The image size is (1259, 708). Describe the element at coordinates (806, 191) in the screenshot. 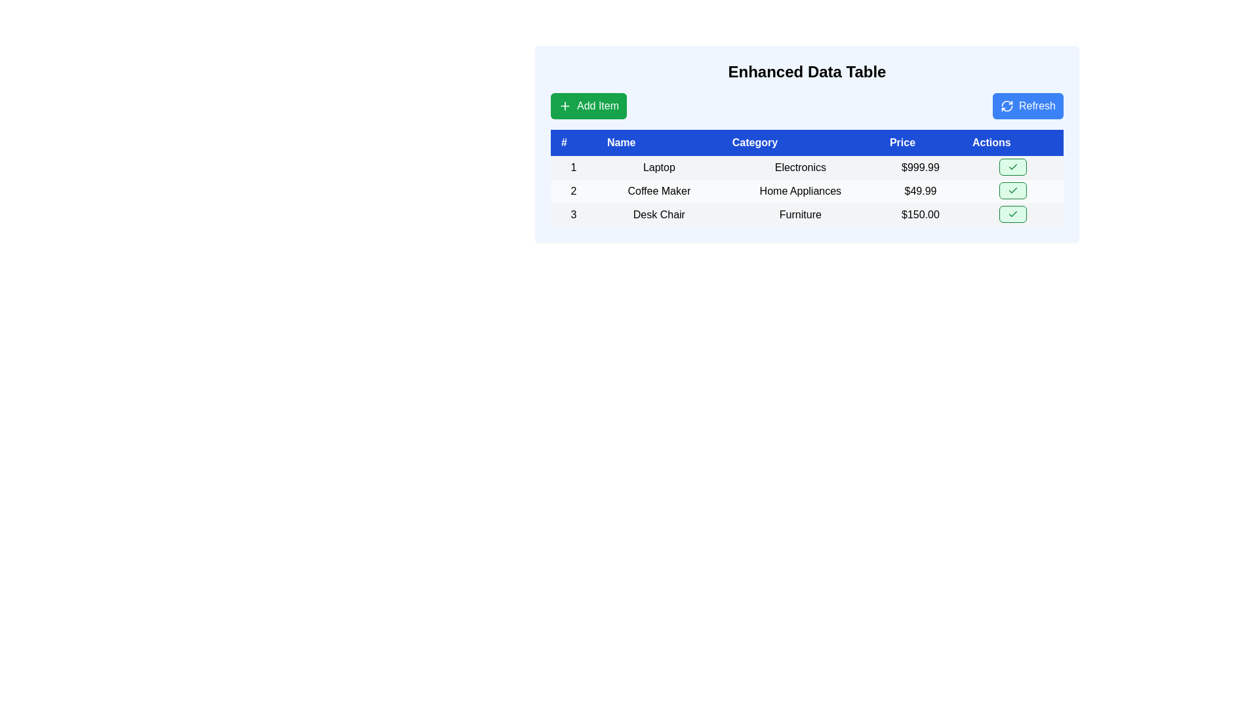

I see `text content of the second row in the table which includes the item 'Coffee Maker', its category 'Home Appliances', and its price '$49.99'` at that location.